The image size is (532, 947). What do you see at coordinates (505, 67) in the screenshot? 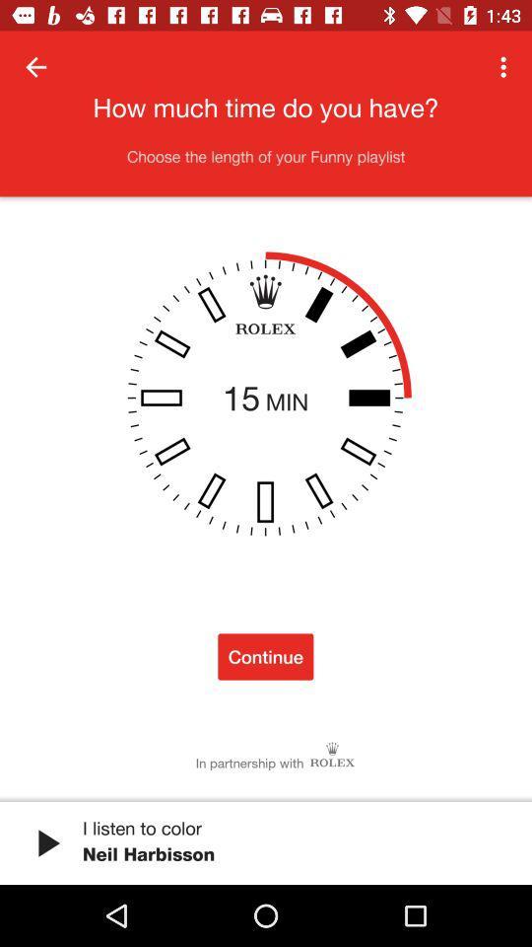
I see `the item at the top right corner` at bounding box center [505, 67].